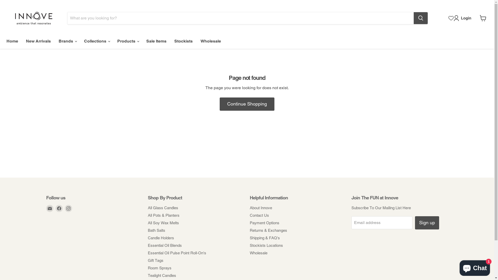 The height and width of the screenshot is (280, 498). Describe the element at coordinates (427, 222) in the screenshot. I see `'Sign up'` at that location.